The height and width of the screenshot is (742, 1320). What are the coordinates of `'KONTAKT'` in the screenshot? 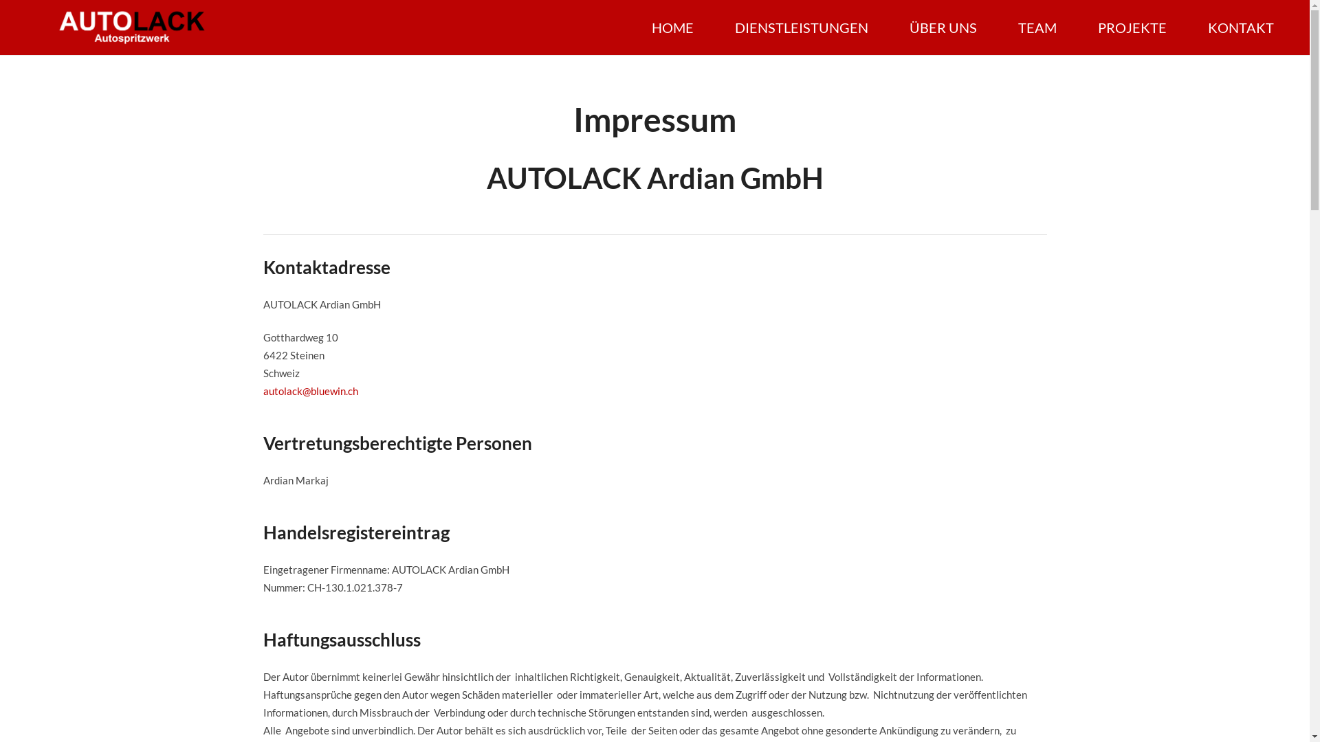 It's located at (1240, 27).